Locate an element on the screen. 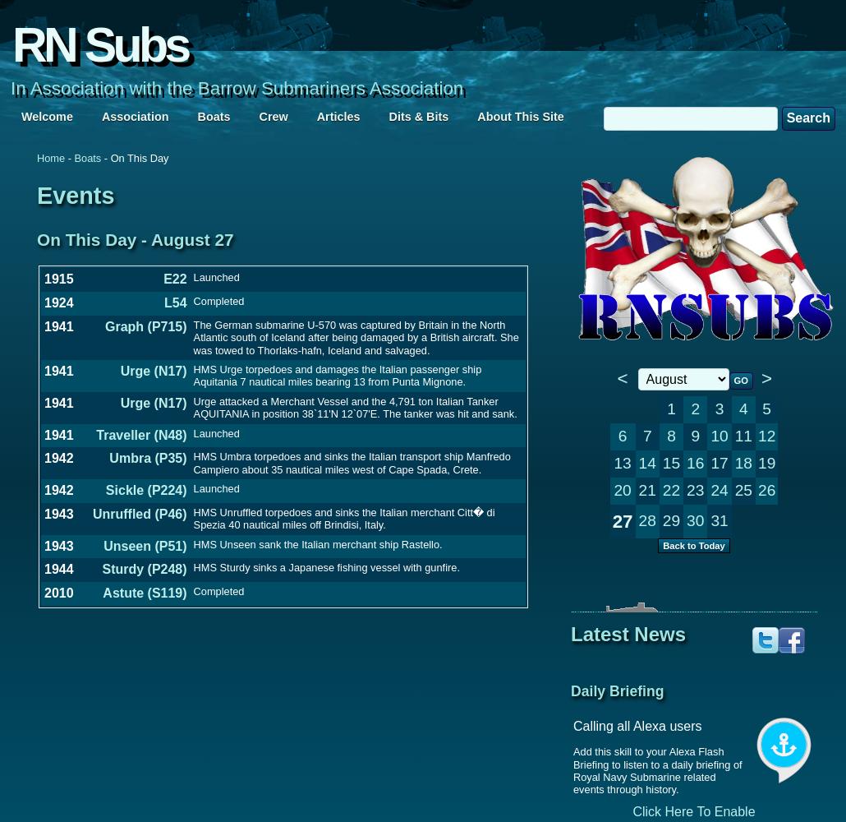  '1915' is located at coordinates (58, 278).